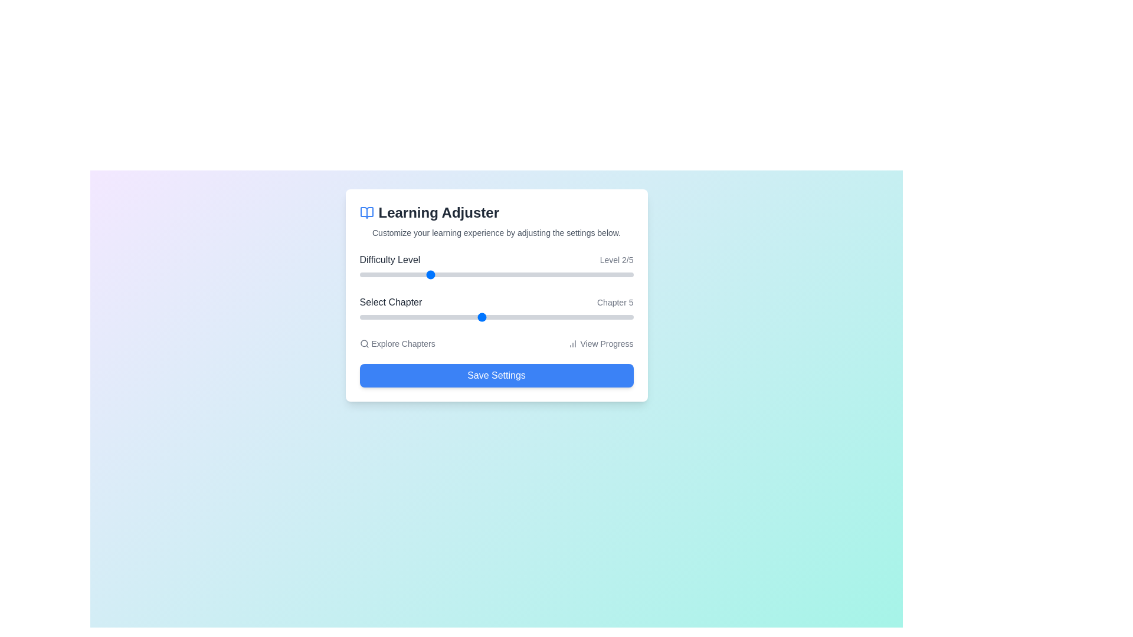 The image size is (1133, 637). What do you see at coordinates (496, 302) in the screenshot?
I see `text content of the Text display section that contains 'Select Chapter' on the left and 'Chapter 5' on the right, which is located below the 'Difficulty Level' slider` at bounding box center [496, 302].